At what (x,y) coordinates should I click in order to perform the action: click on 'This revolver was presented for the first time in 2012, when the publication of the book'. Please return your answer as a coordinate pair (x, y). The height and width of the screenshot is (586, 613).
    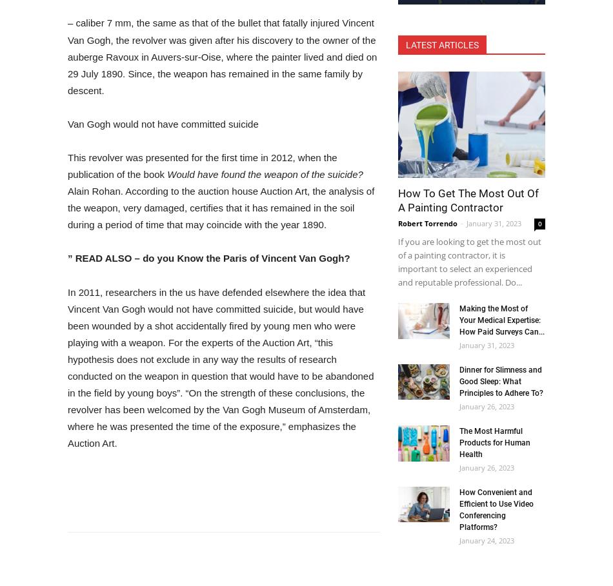
    Looking at the image, I should click on (201, 166).